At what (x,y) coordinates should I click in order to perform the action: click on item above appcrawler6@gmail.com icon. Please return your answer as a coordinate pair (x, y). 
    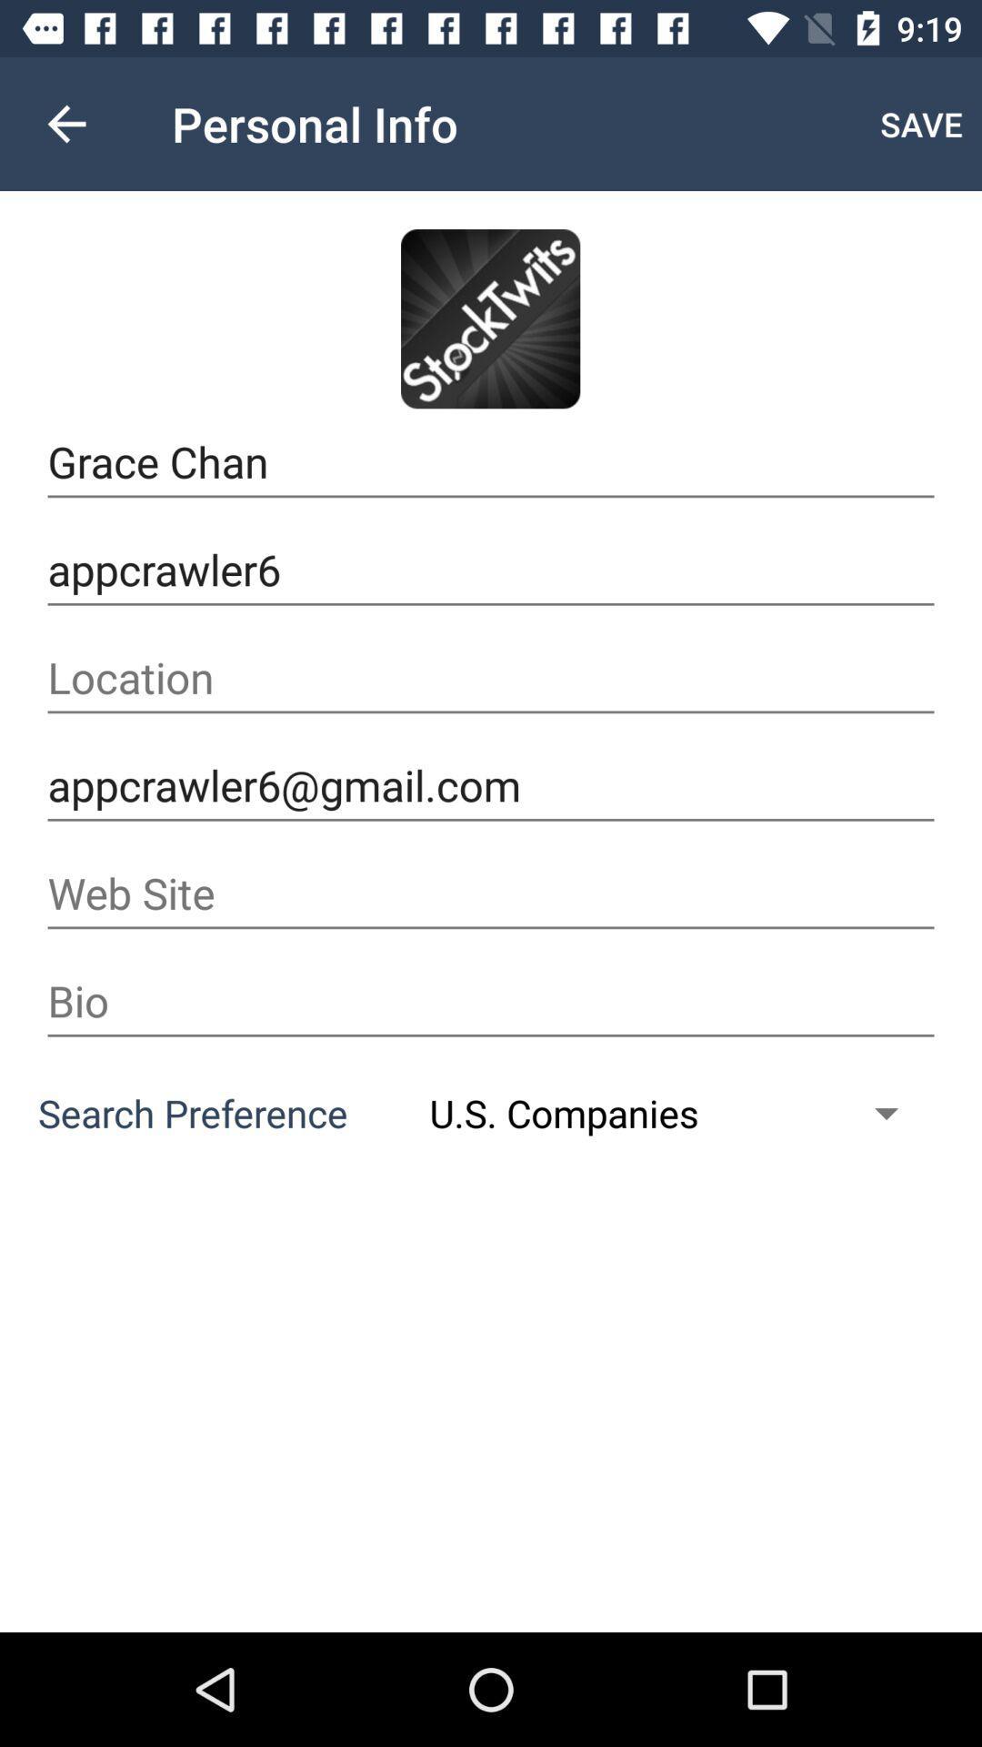
    Looking at the image, I should click on (491, 677).